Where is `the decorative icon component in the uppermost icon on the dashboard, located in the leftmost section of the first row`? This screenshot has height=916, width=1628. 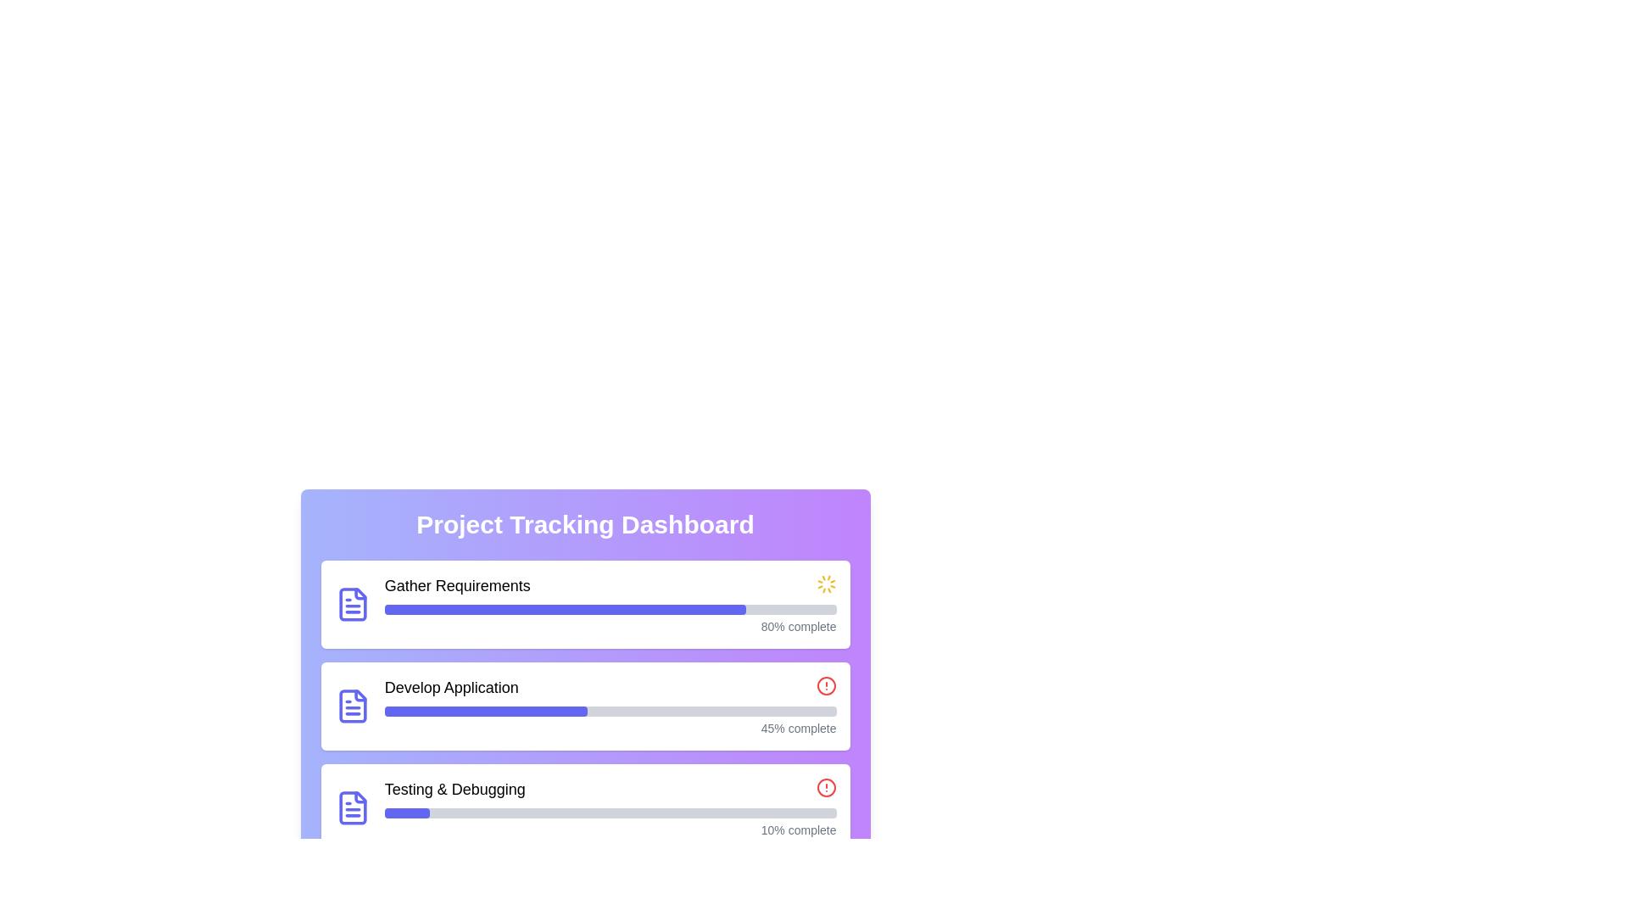
the decorative icon component in the uppermost icon on the dashboard, located in the leftmost section of the first row is located at coordinates (352, 604).